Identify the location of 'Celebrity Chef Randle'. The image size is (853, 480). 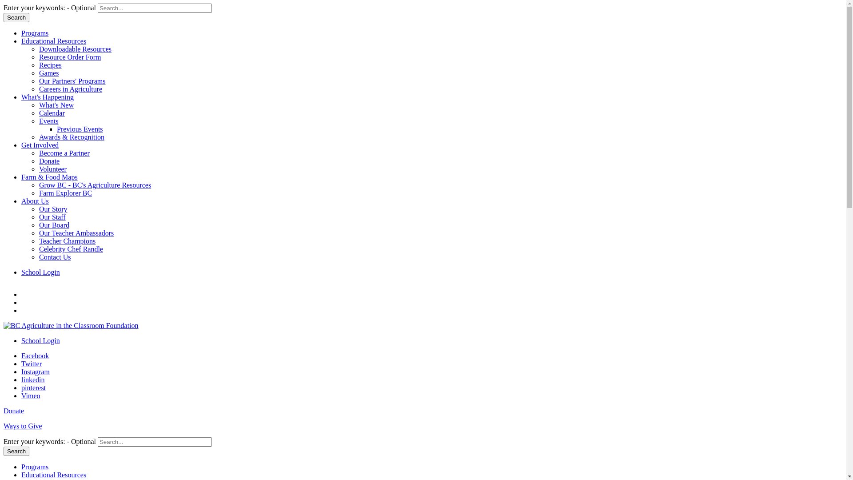
(70, 249).